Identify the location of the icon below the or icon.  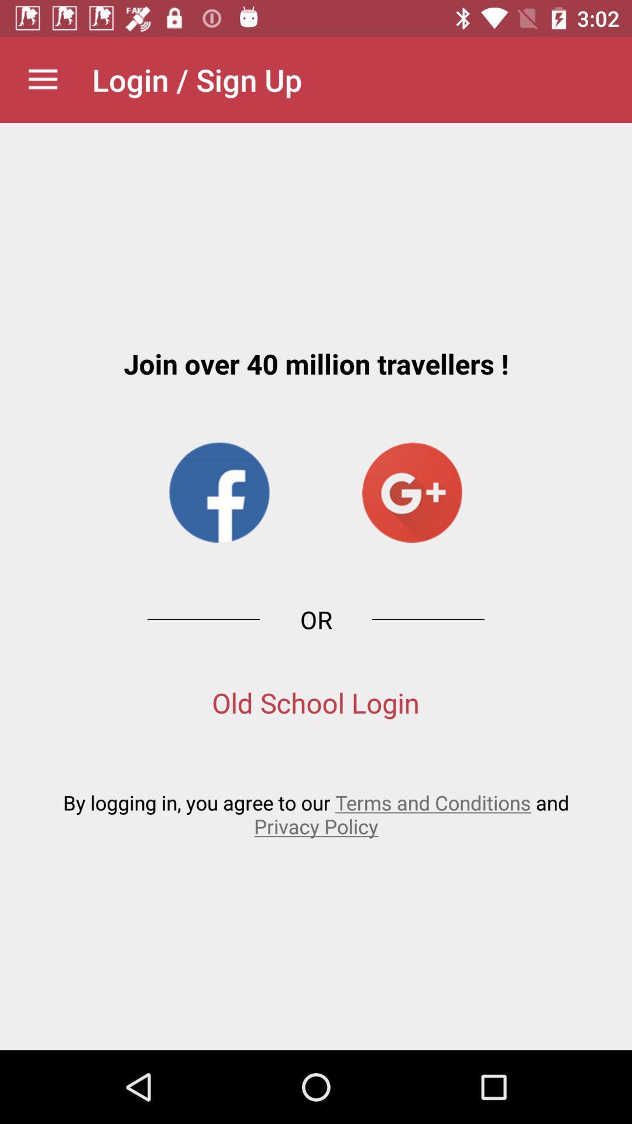
(315, 702).